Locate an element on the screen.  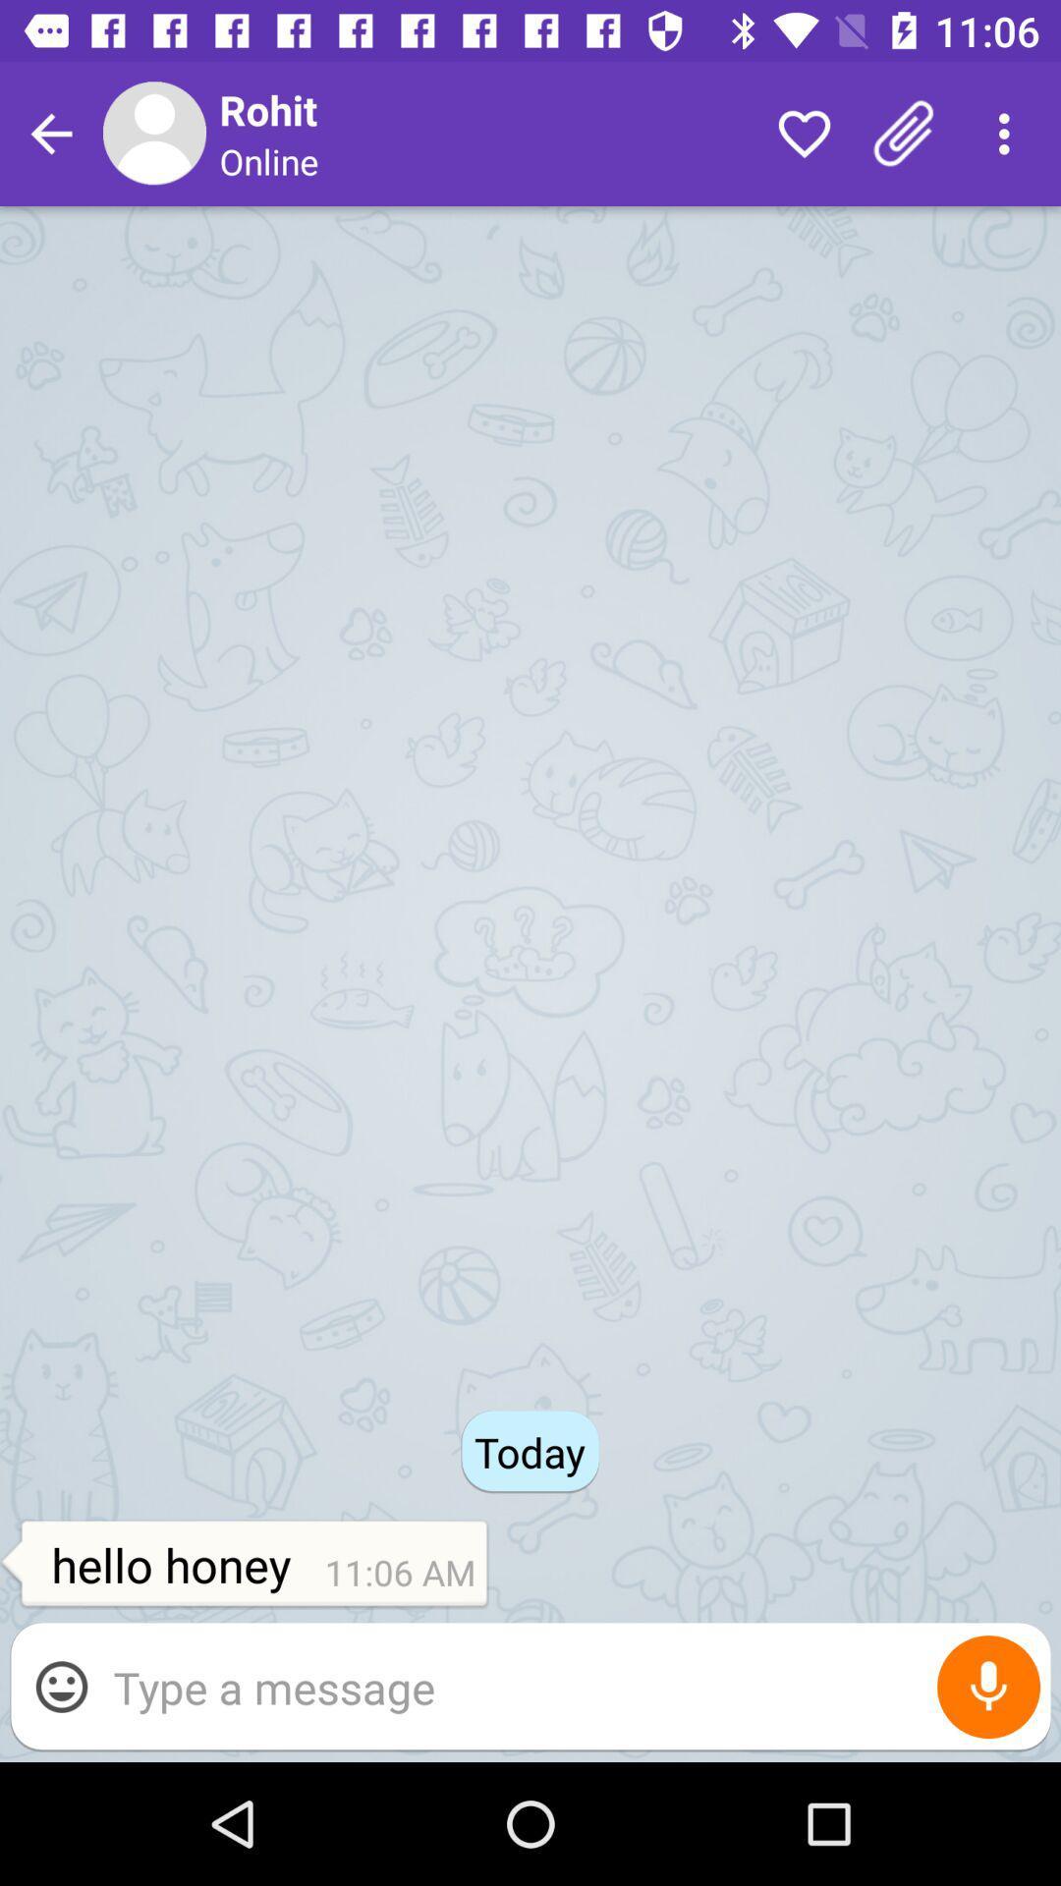
go back is located at coordinates (50, 133).